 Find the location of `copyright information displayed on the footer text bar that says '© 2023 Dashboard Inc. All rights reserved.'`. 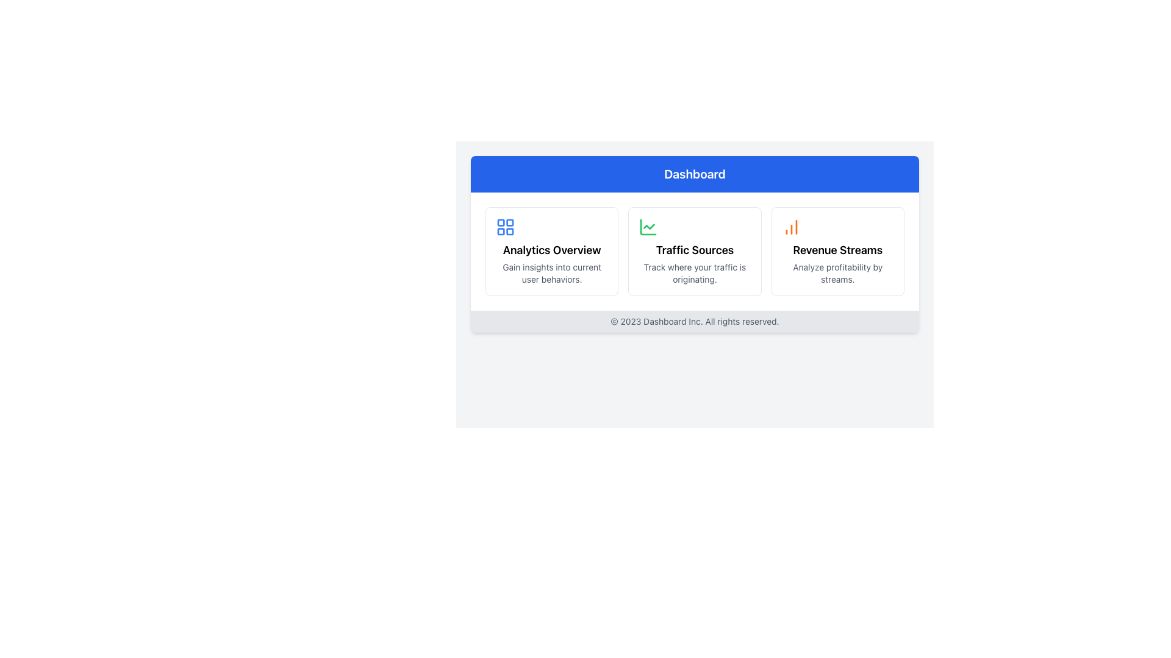

copyright information displayed on the footer text bar that says '© 2023 Dashboard Inc. All rights reserved.' is located at coordinates (695, 321).